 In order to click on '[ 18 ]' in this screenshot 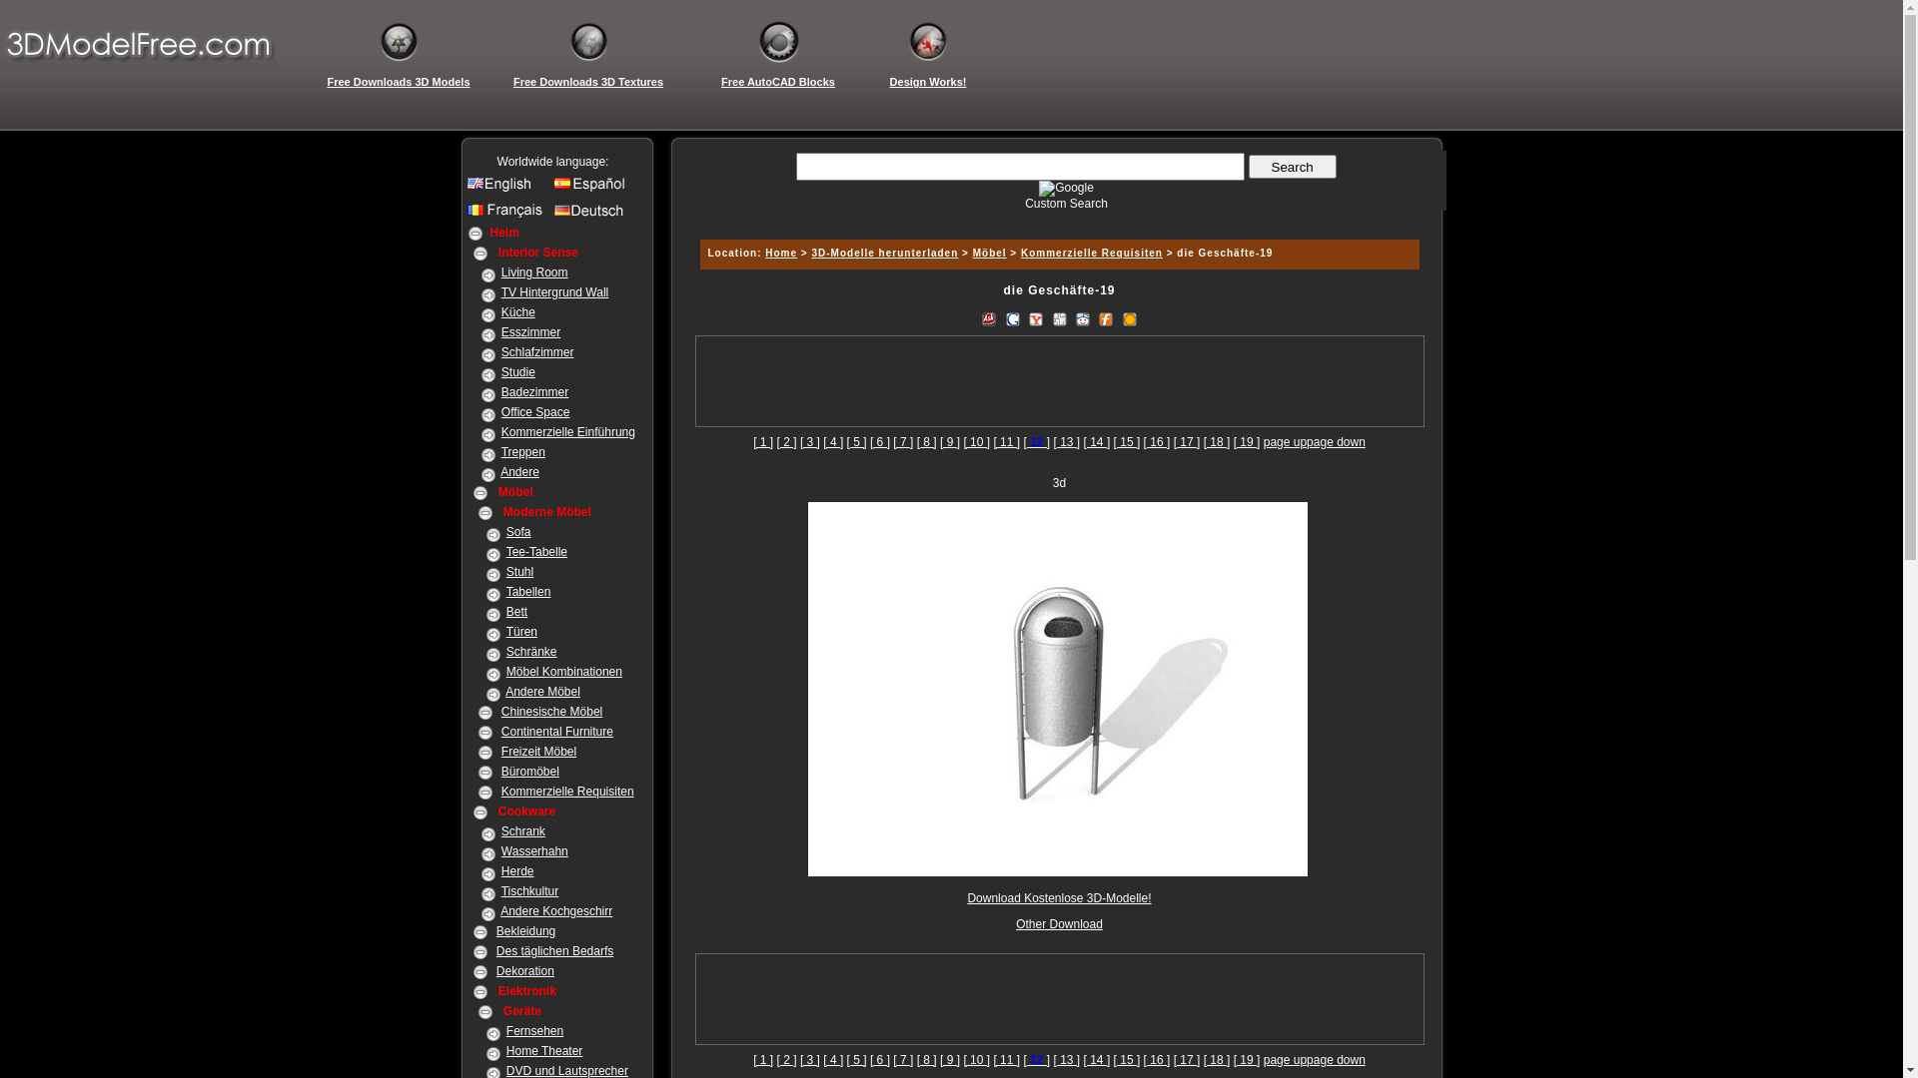, I will do `click(1202, 441)`.